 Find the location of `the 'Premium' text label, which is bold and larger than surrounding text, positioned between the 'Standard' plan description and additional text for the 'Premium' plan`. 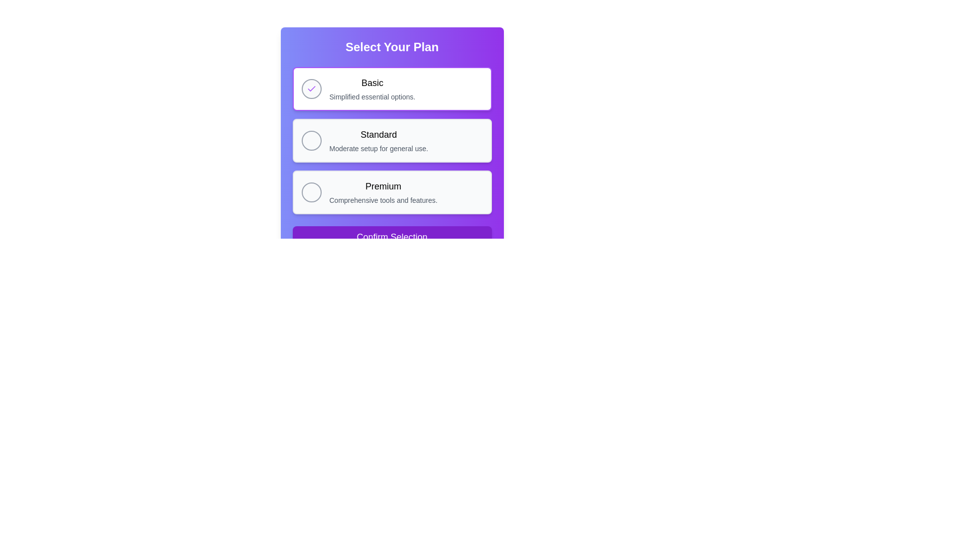

the 'Premium' text label, which is bold and larger than surrounding text, positioned between the 'Standard' plan description and additional text for the 'Premium' plan is located at coordinates (383, 186).